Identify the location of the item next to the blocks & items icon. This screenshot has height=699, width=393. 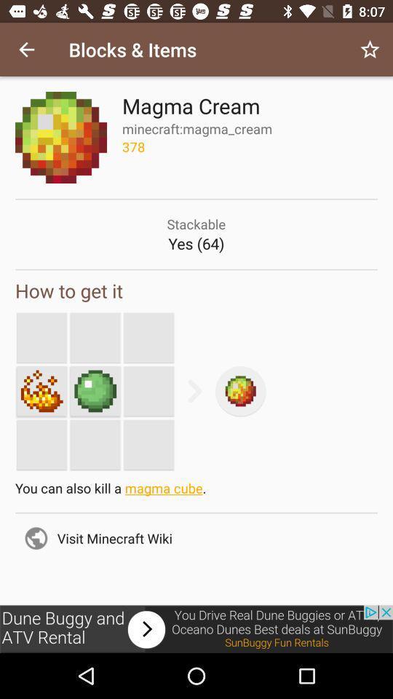
(370, 50).